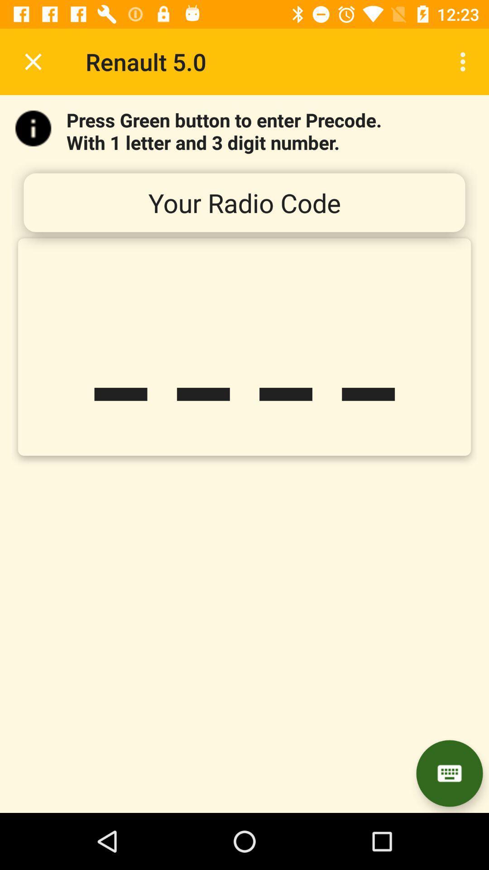 Image resolution: width=489 pixels, height=870 pixels. I want to click on icon to the left of the renault 5.0, so click(33, 61).